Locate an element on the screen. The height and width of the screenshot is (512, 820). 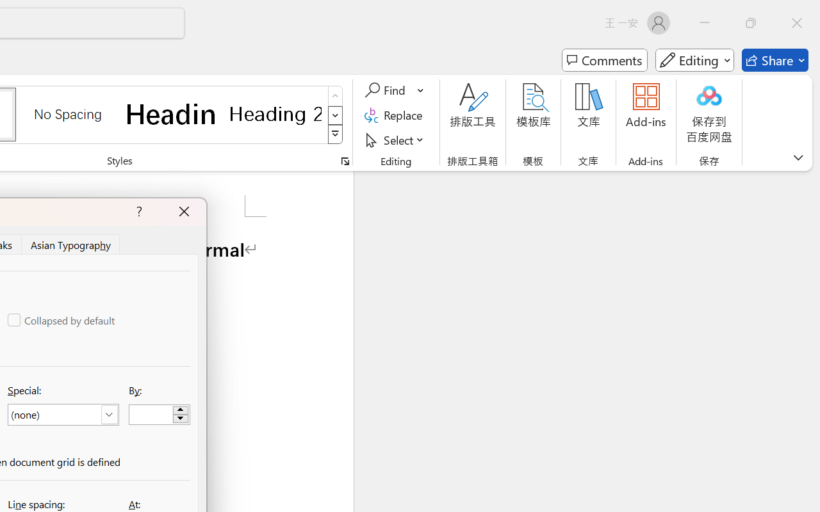
'Styles...' is located at coordinates (345, 161).